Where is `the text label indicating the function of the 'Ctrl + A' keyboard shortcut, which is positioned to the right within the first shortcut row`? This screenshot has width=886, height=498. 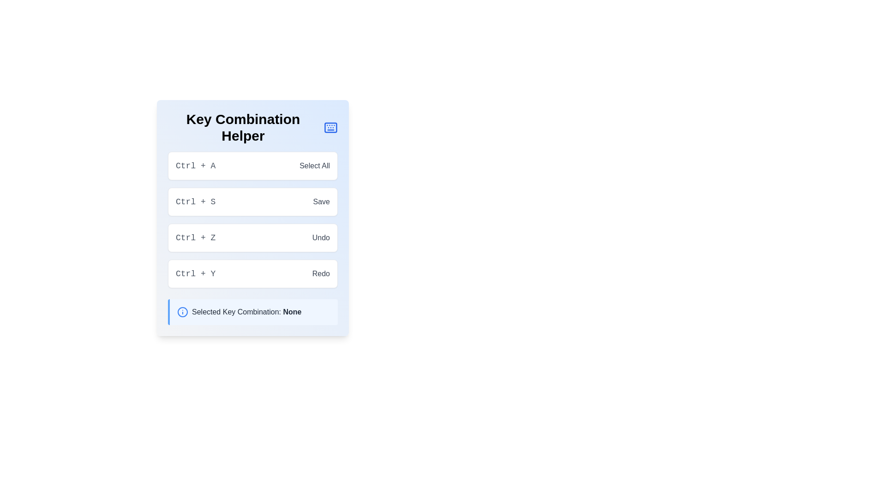
the text label indicating the function of the 'Ctrl + A' keyboard shortcut, which is positioned to the right within the first shortcut row is located at coordinates (315, 165).